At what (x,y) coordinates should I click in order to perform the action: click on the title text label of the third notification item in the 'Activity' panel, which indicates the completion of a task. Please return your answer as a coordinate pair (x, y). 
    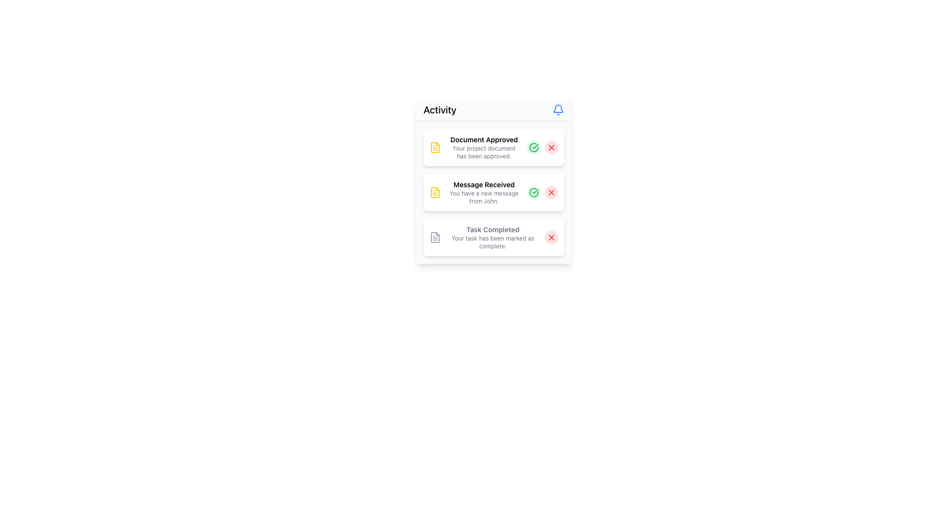
    Looking at the image, I should click on (492, 230).